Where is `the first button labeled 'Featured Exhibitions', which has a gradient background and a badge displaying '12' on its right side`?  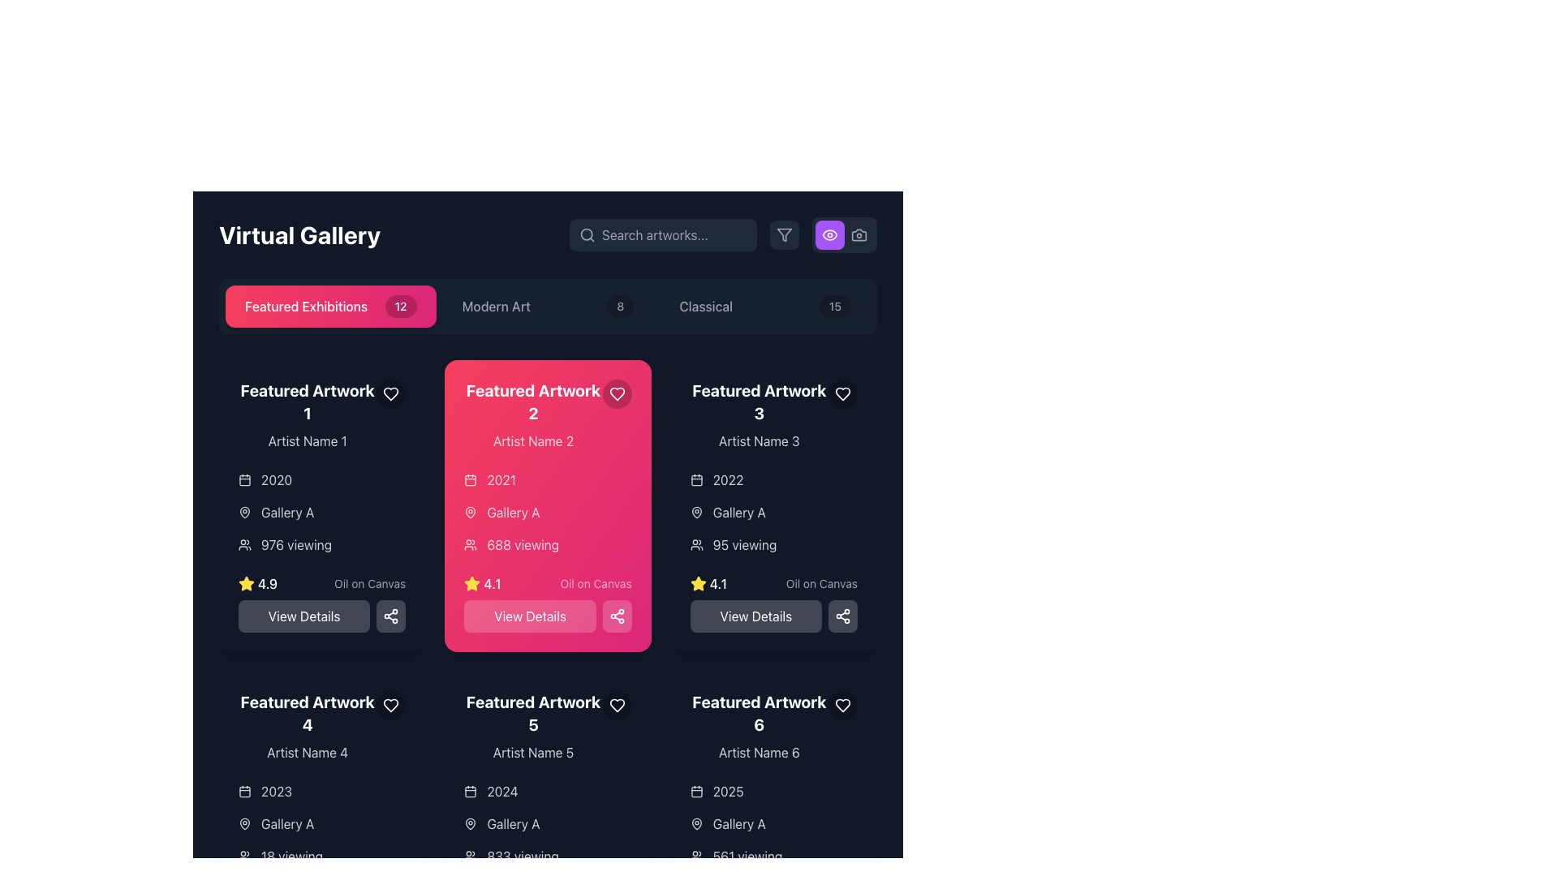
the first button labeled 'Featured Exhibitions', which has a gradient background and a badge displaying '12' on its right side is located at coordinates (329, 307).